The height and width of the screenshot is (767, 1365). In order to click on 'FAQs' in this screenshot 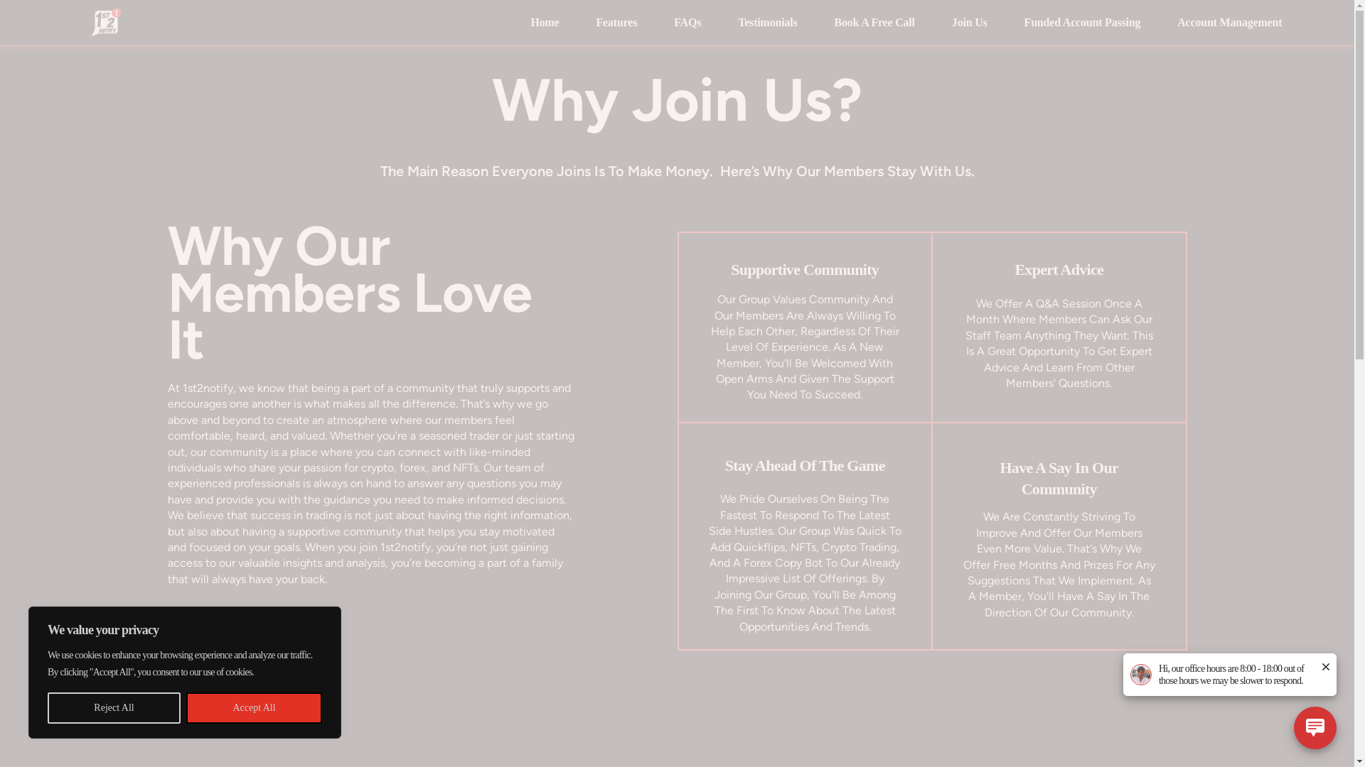, I will do `click(673, 21)`.